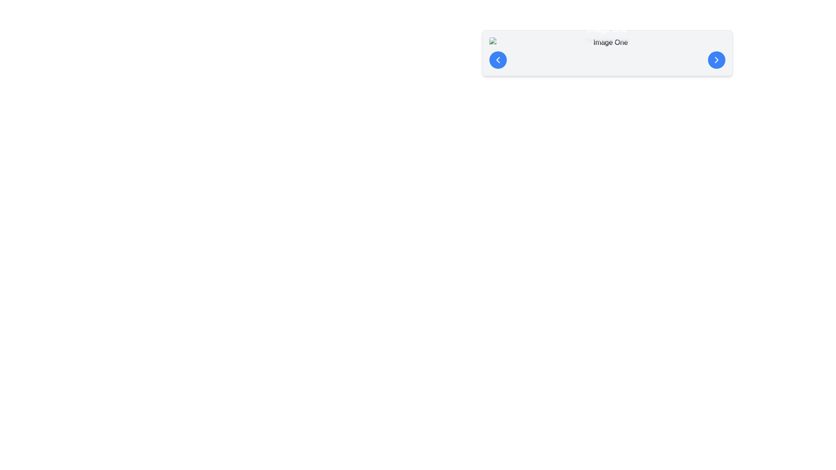 The width and height of the screenshot is (836, 470). Describe the element at coordinates (498, 60) in the screenshot. I see `the circular button with a blue background and a white left-pointing chevron arrow, which is the leftmost button in a horizontal layout next to the content box labeled 'Image One'` at that location.